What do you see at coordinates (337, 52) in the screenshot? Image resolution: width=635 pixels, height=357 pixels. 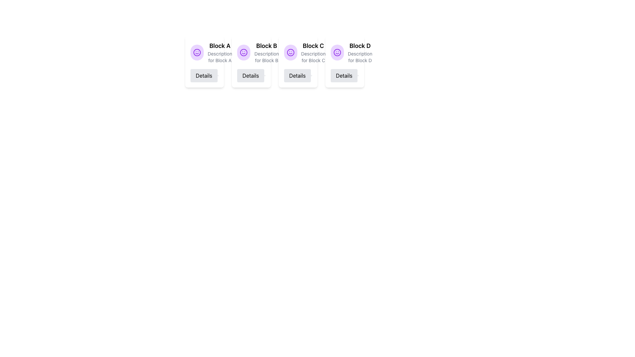 I see `the purple circular icon button with a smiling face located in the 'Block D' card, positioned above the 'Details' button and to the left of the text 'Block DDescription for Block D'` at bounding box center [337, 52].